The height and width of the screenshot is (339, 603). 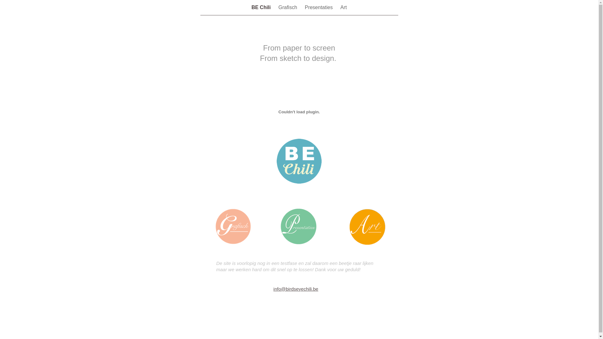 What do you see at coordinates (296, 289) in the screenshot?
I see `'info@birdseyechili.be'` at bounding box center [296, 289].